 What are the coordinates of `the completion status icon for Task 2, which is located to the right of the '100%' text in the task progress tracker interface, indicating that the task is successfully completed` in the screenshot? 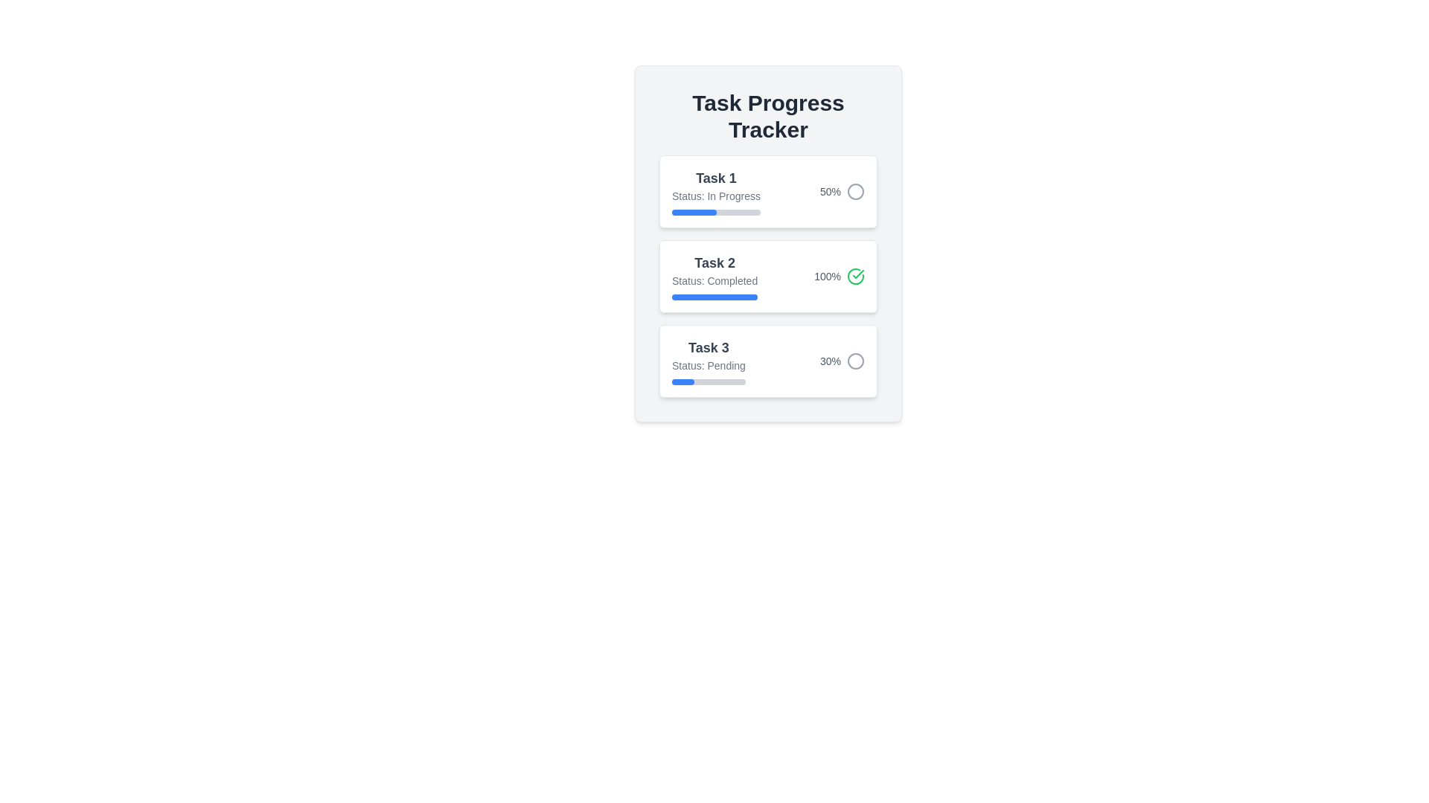 It's located at (856, 276).